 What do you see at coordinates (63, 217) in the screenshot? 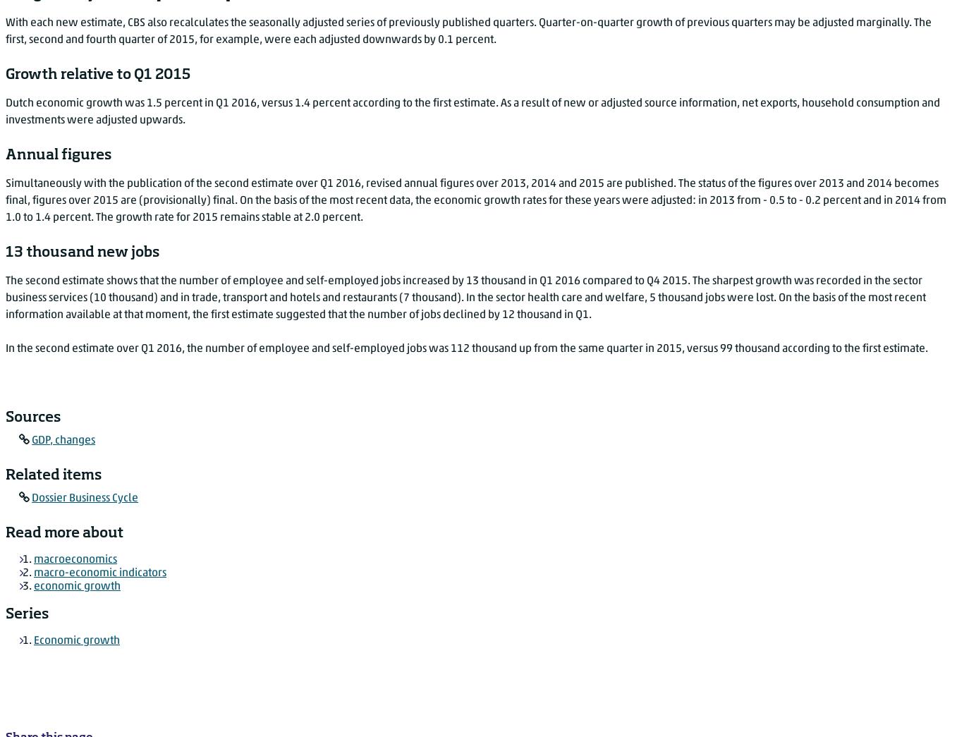
I see `'1.4 percent'` at bounding box center [63, 217].